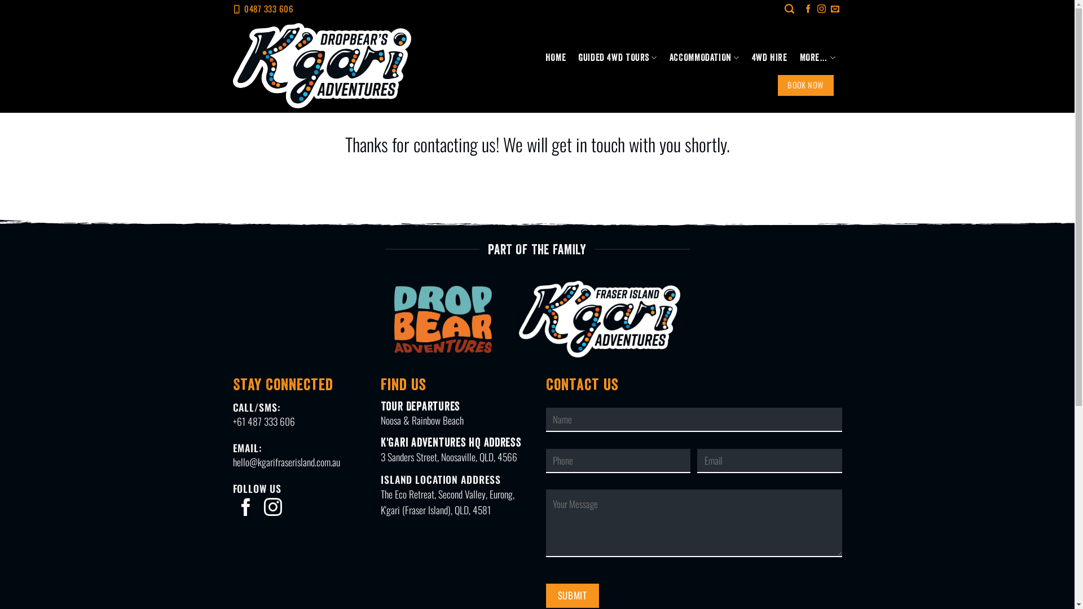  I want to click on 'GUIDED 4WD TOURS', so click(617, 57).